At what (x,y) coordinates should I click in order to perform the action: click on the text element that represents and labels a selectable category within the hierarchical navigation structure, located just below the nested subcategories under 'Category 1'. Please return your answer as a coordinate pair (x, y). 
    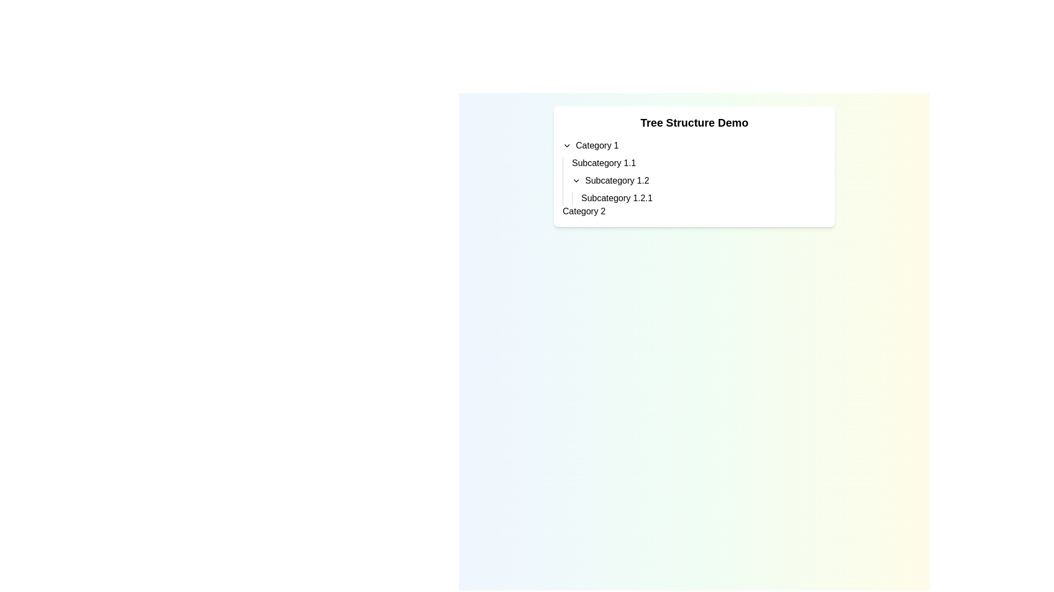
    Looking at the image, I should click on (584, 211).